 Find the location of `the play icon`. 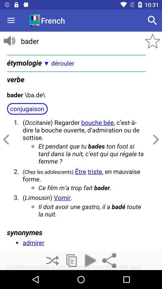

the play icon is located at coordinates (90, 260).